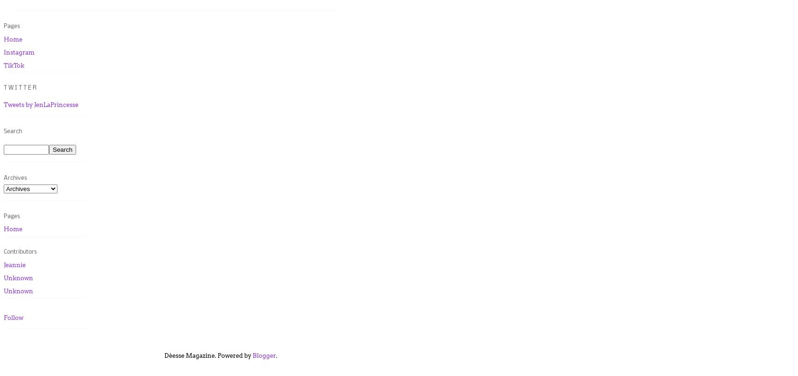  Describe the element at coordinates (20, 87) in the screenshot. I see `'T W I T T E R'` at that location.